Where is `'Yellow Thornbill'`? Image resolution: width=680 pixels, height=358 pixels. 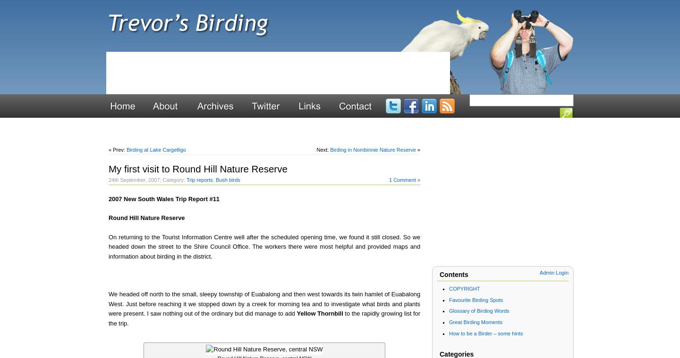 'Yellow Thornbill' is located at coordinates (319, 313).